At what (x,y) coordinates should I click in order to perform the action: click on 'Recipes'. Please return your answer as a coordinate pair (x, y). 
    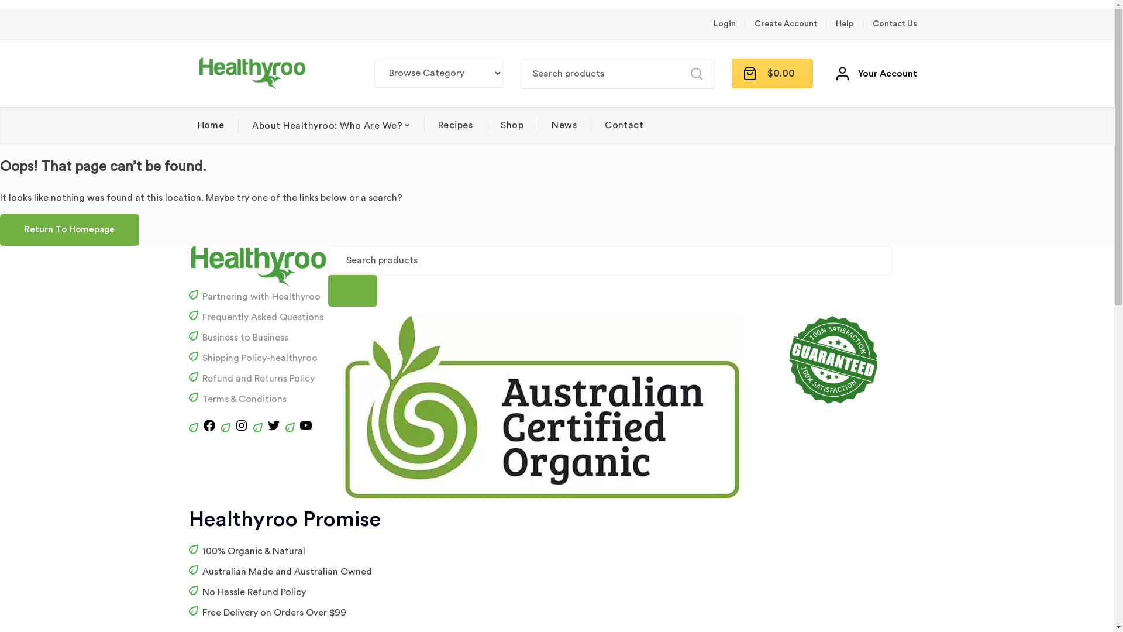
    Looking at the image, I should click on (454, 125).